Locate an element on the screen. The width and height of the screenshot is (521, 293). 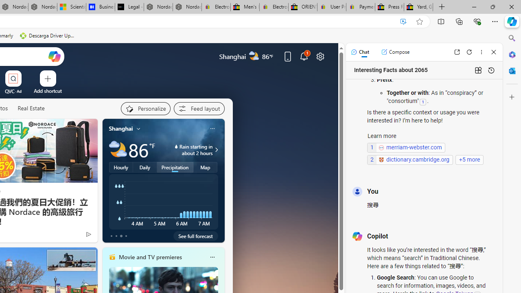
'Daily' is located at coordinates (145, 167).